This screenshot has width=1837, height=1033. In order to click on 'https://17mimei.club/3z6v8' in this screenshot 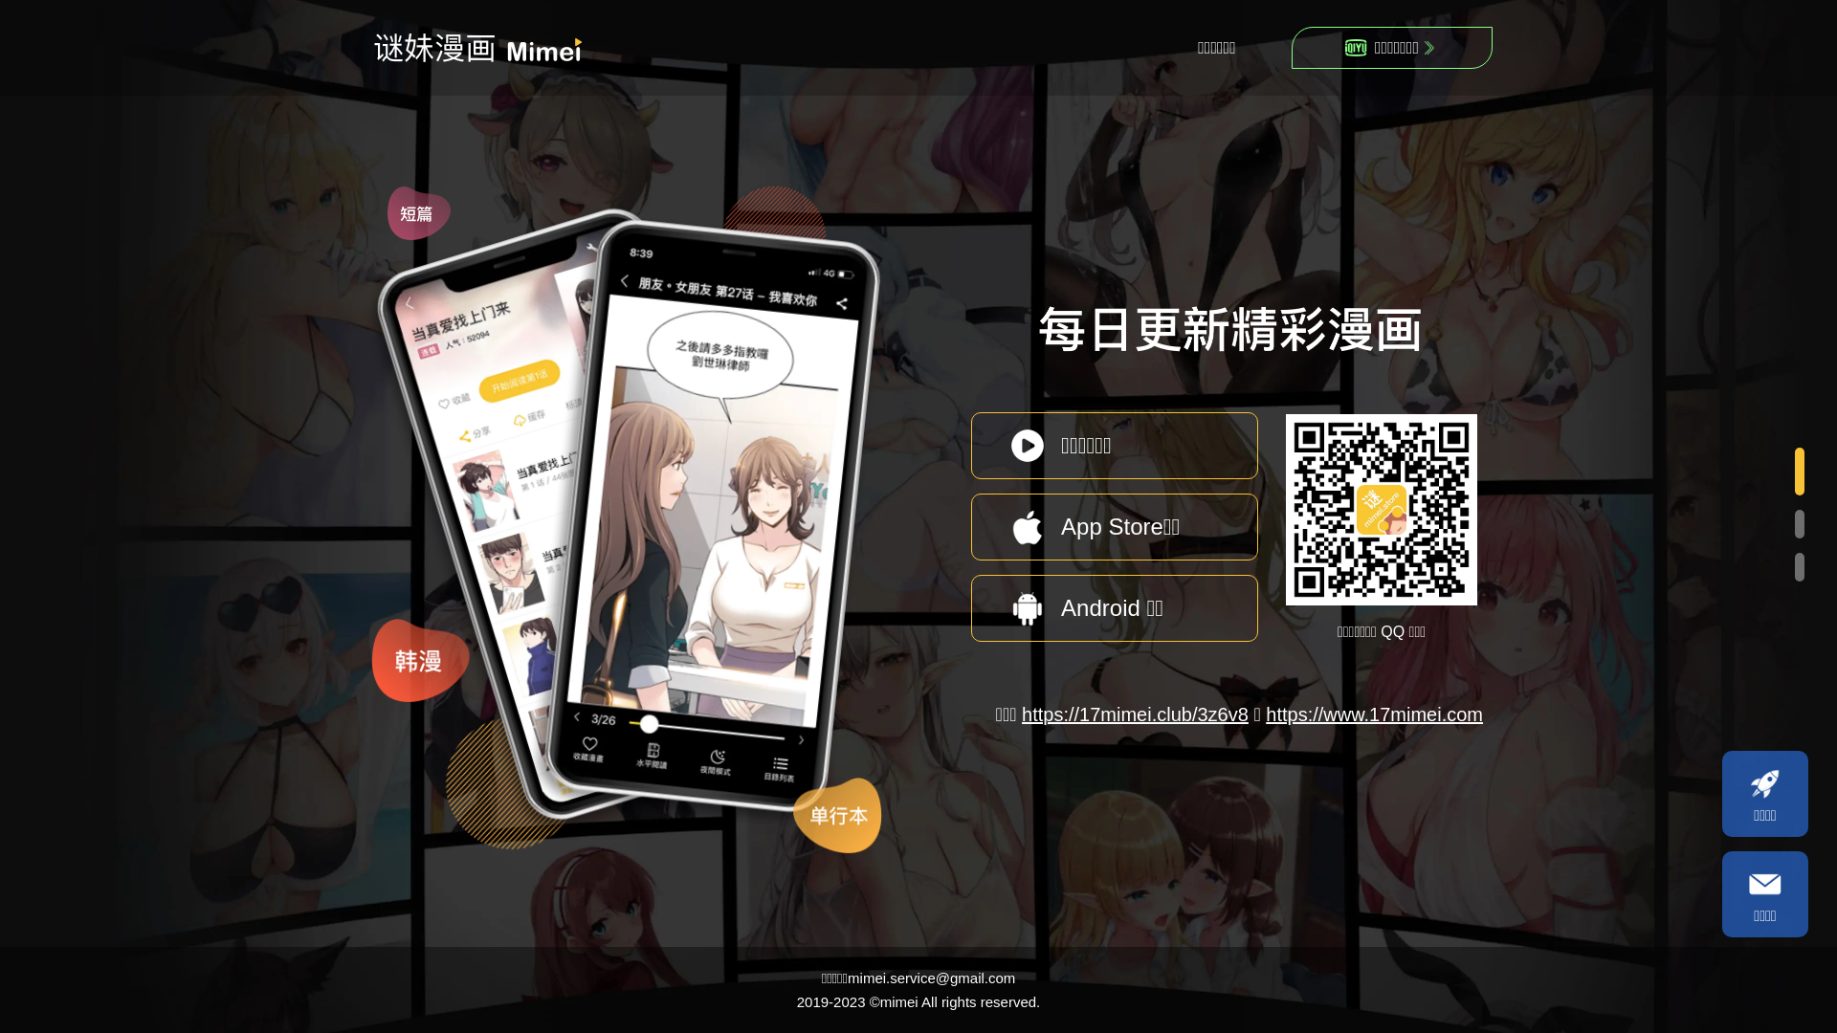, I will do `click(1135, 714)`.